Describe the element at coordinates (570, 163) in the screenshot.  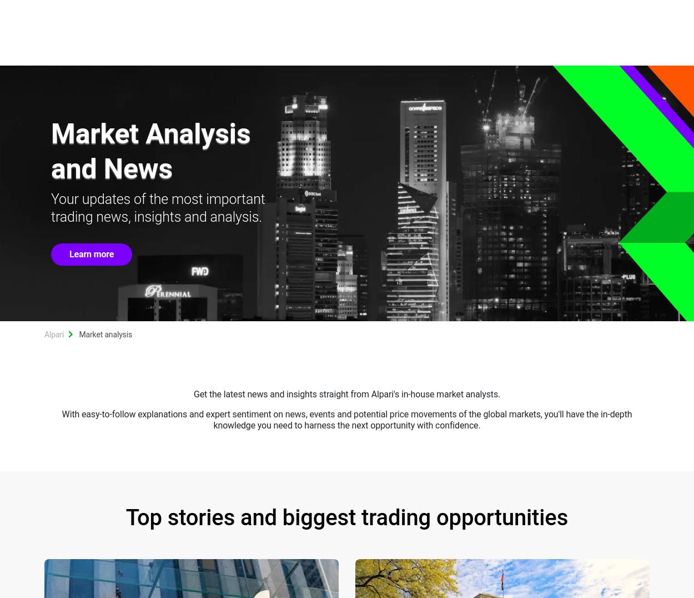
I see `'eurozone'` at that location.